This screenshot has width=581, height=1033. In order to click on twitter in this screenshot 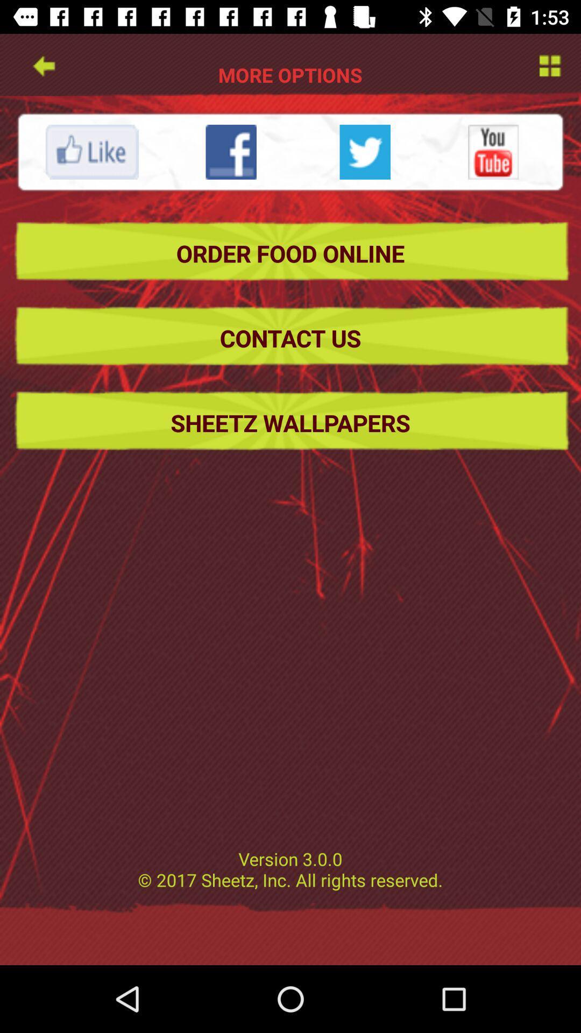, I will do `click(364, 151)`.